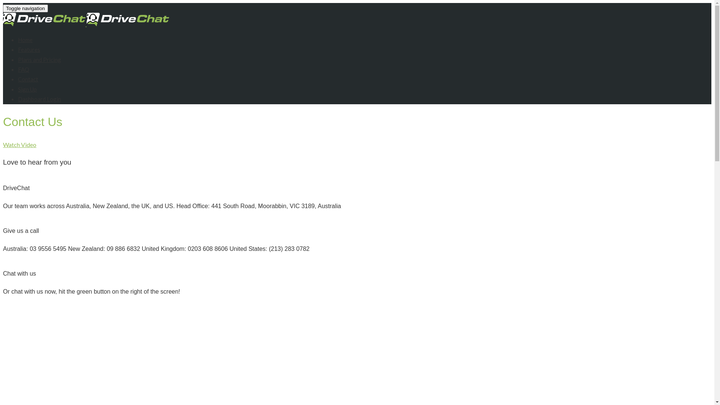  I want to click on 'Watch Video', so click(19, 144).